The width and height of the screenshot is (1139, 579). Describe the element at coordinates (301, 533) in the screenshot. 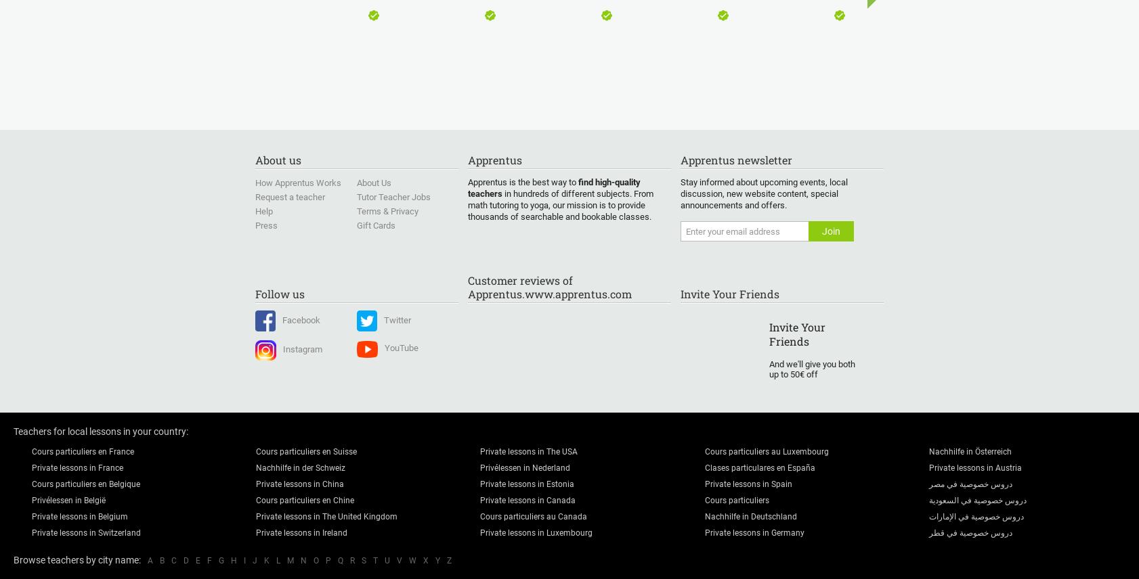

I see `'Private lessons in Ireland'` at that location.